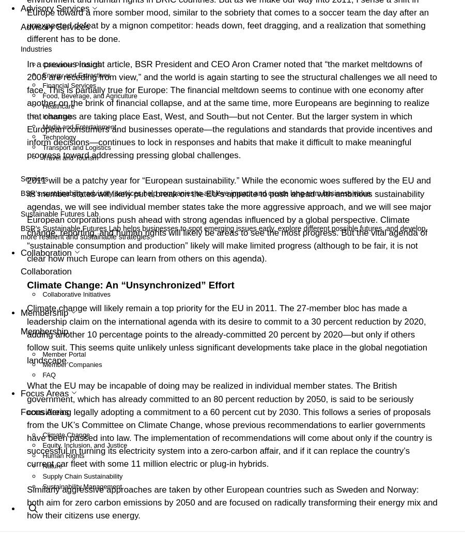  I want to click on 'Our People', so click(61, 433).